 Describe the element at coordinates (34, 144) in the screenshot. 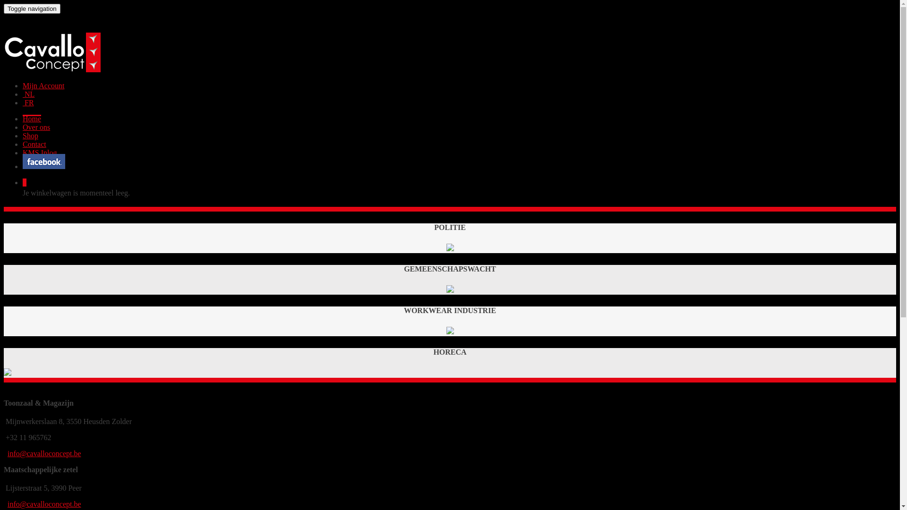

I see `'Contact'` at that location.